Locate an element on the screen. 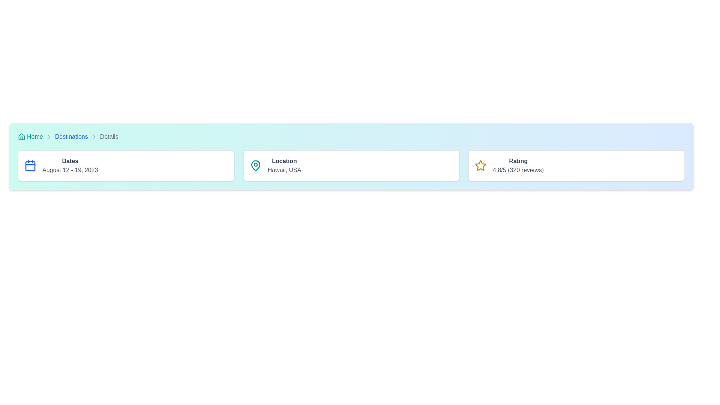  the 'Home' breadcrumb navigation link, which features a house icon and teal text, located at the top-left corner of the interface is located at coordinates (30, 137).